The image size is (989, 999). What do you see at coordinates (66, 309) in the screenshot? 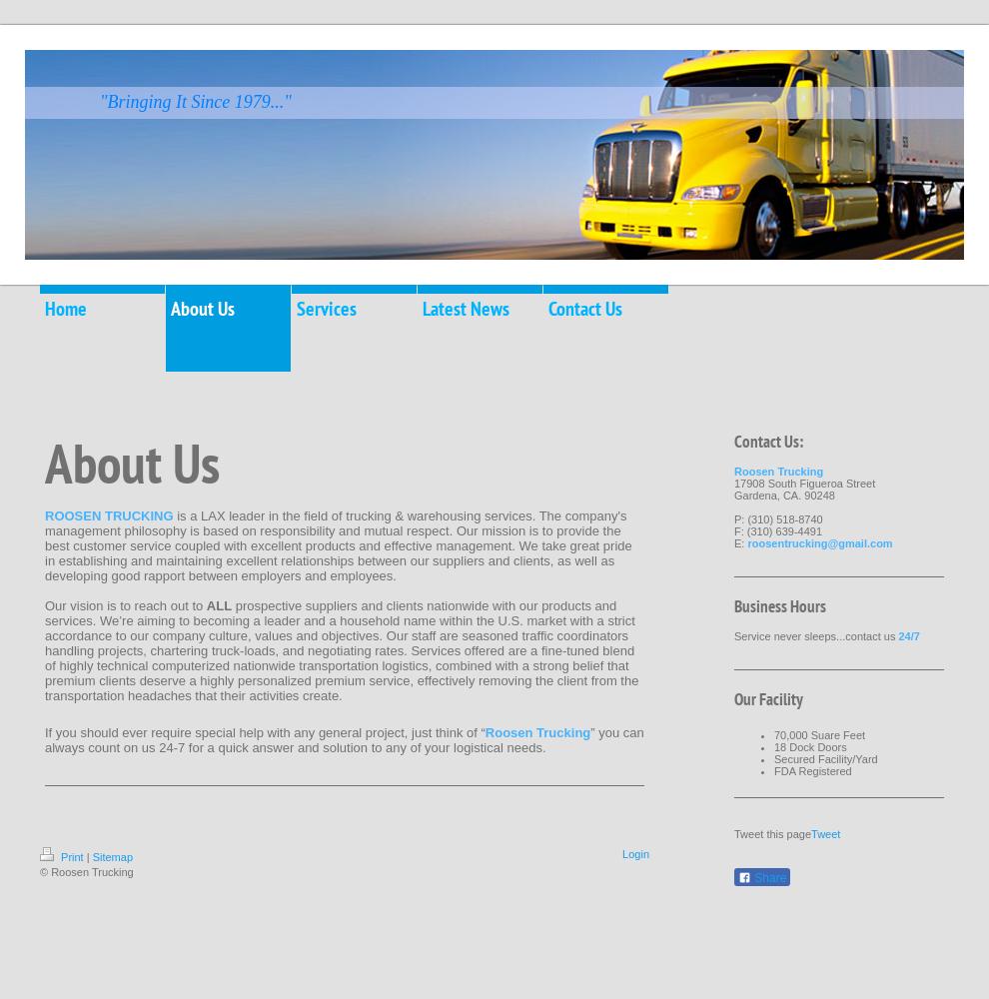
I see `'Home'` at bounding box center [66, 309].